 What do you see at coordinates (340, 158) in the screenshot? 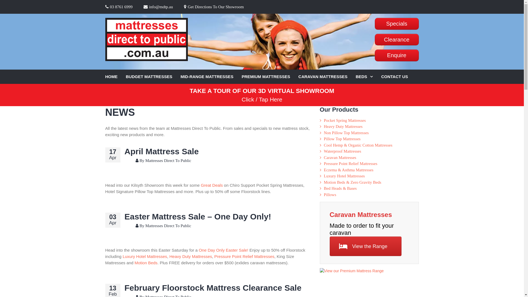
I see `'Caravan Mattresses'` at bounding box center [340, 158].